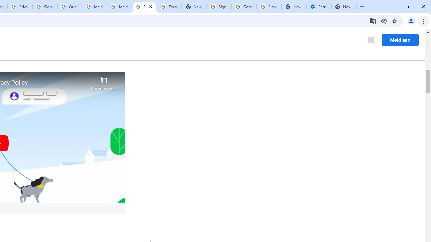 Image resolution: width=431 pixels, height=242 pixels. Describe the element at coordinates (344, 7) in the screenshot. I see `'New Tab'` at that location.